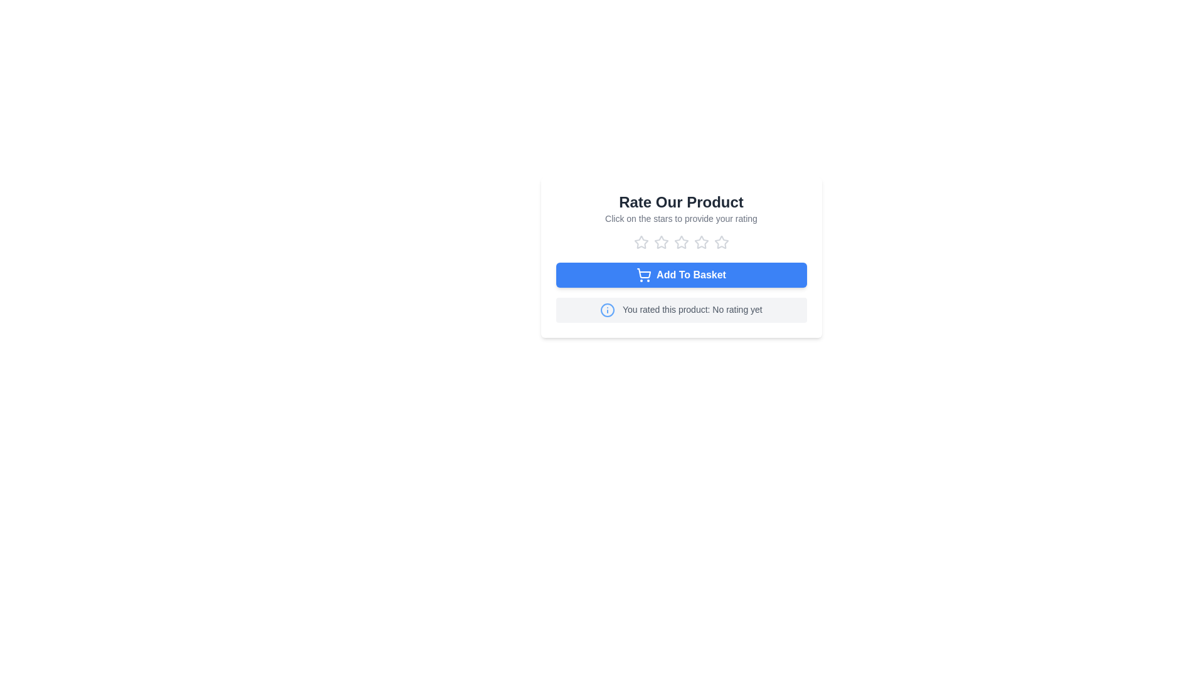  I want to click on the fourth star in the star rating button, so click(700, 242).